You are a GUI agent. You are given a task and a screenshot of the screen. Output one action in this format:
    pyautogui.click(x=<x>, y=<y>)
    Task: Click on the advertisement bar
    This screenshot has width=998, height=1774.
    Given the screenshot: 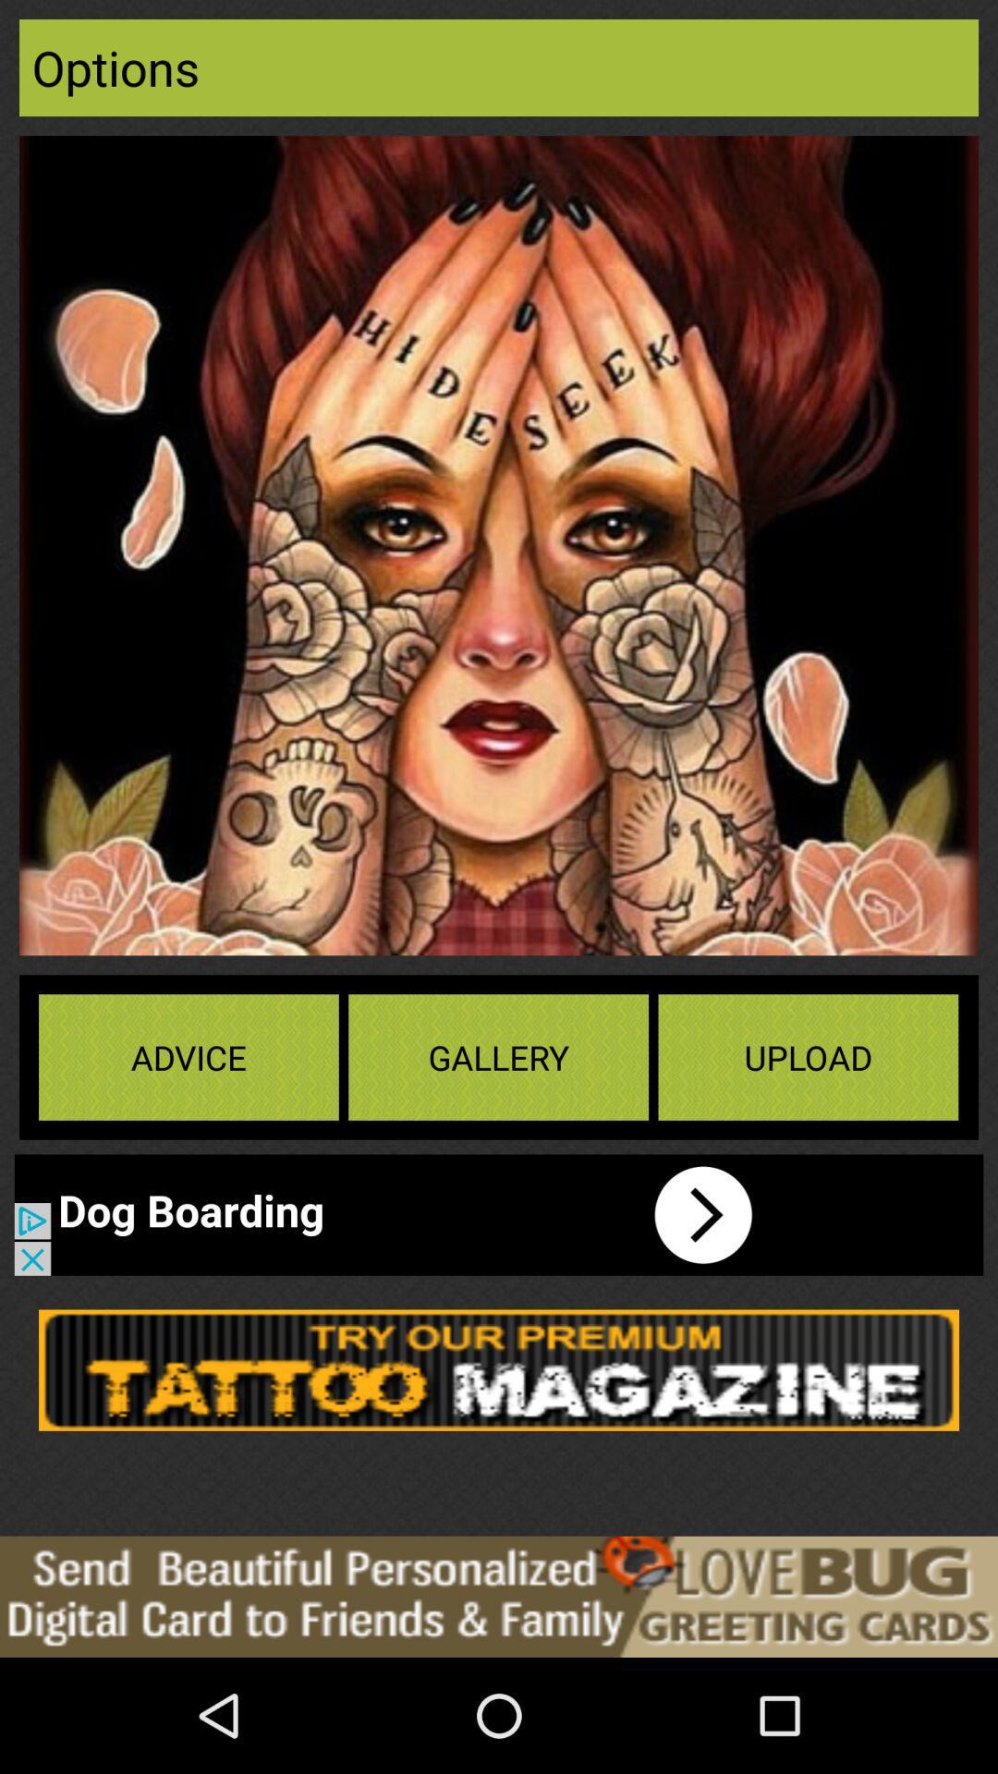 What is the action you would take?
    pyautogui.click(x=401, y=1215)
    